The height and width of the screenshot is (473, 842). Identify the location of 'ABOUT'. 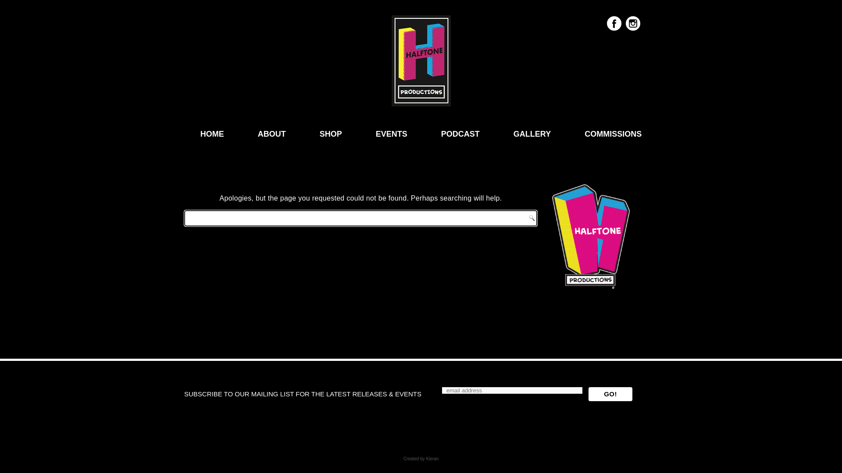
(271, 134).